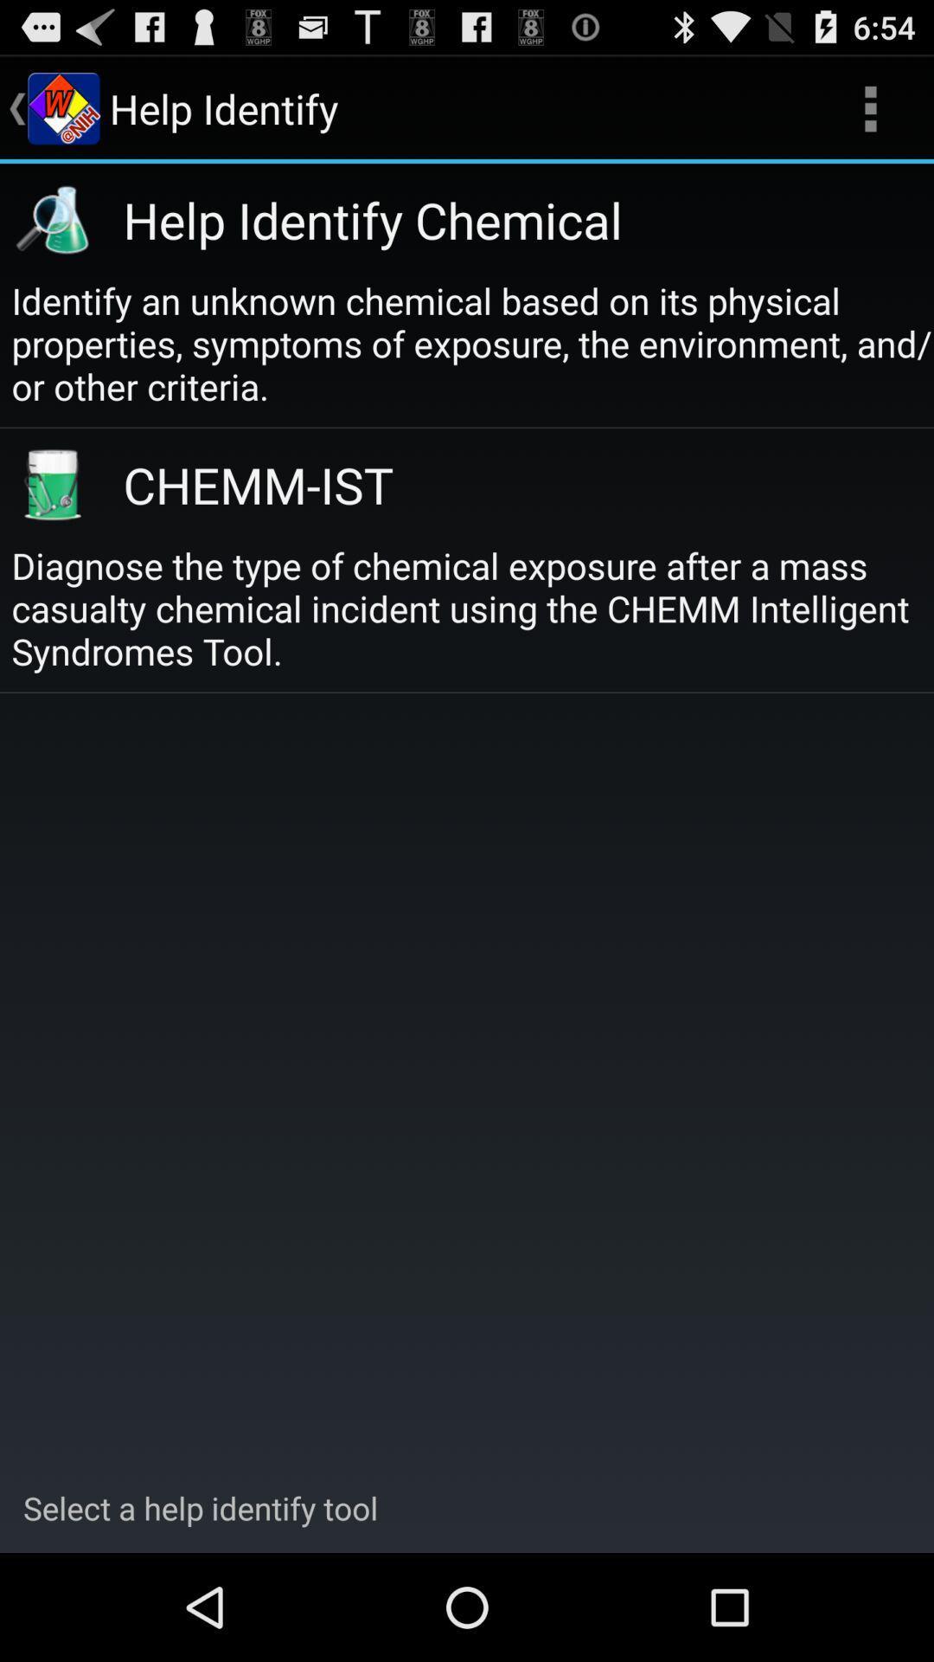  What do you see at coordinates (870, 107) in the screenshot?
I see `the item at the top right corner` at bounding box center [870, 107].